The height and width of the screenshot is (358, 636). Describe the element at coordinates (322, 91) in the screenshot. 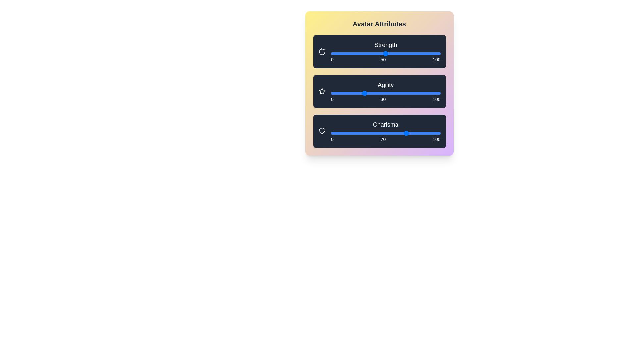

I see `the star icon next to the 'Agility' slider` at that location.